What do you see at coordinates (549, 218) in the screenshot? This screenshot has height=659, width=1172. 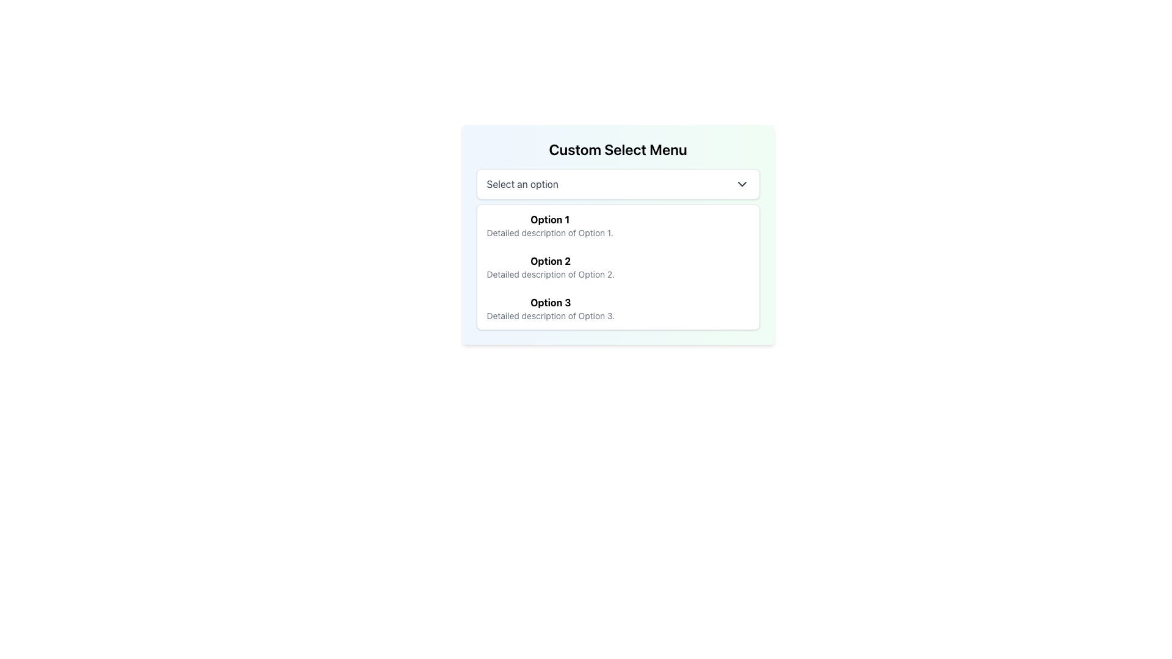 I see `the 'Option 1' text label, which is the first selectable option in the dropdown menu` at bounding box center [549, 218].